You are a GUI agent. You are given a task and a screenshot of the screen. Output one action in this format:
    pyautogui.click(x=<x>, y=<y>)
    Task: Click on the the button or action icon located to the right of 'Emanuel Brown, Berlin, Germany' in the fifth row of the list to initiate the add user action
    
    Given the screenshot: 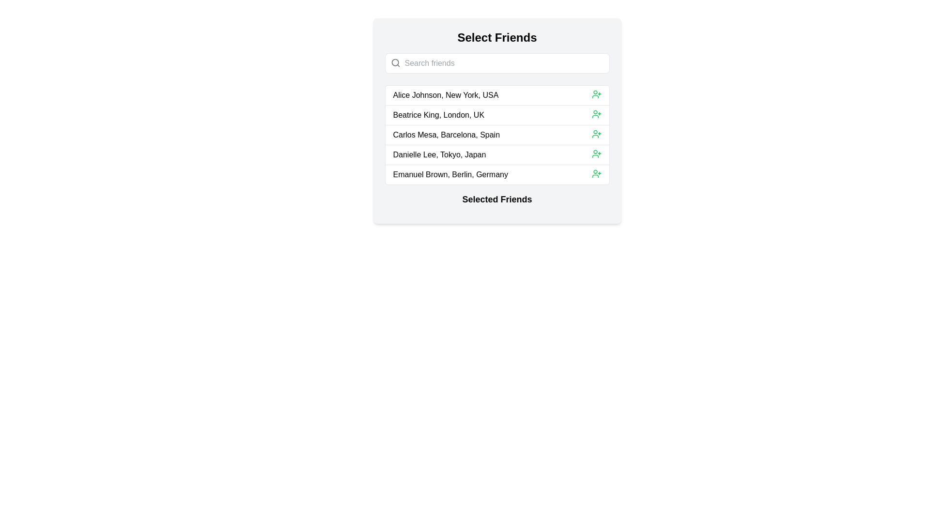 What is the action you would take?
    pyautogui.click(x=596, y=173)
    